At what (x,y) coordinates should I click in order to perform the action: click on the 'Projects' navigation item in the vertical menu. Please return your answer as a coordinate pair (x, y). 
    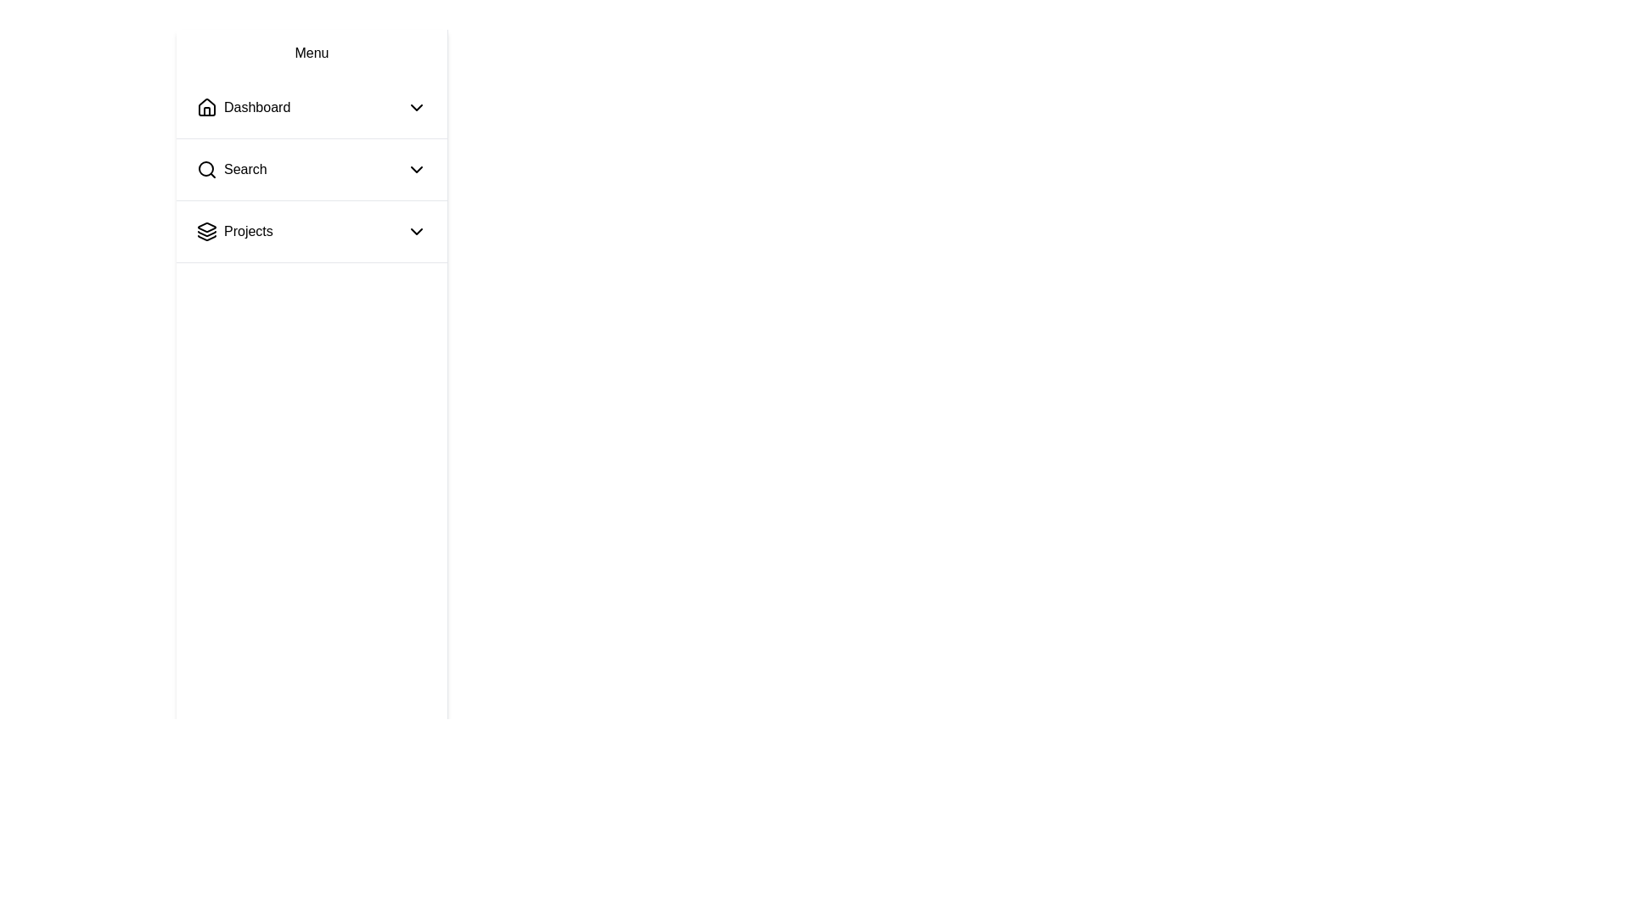
    Looking at the image, I should click on (312, 232).